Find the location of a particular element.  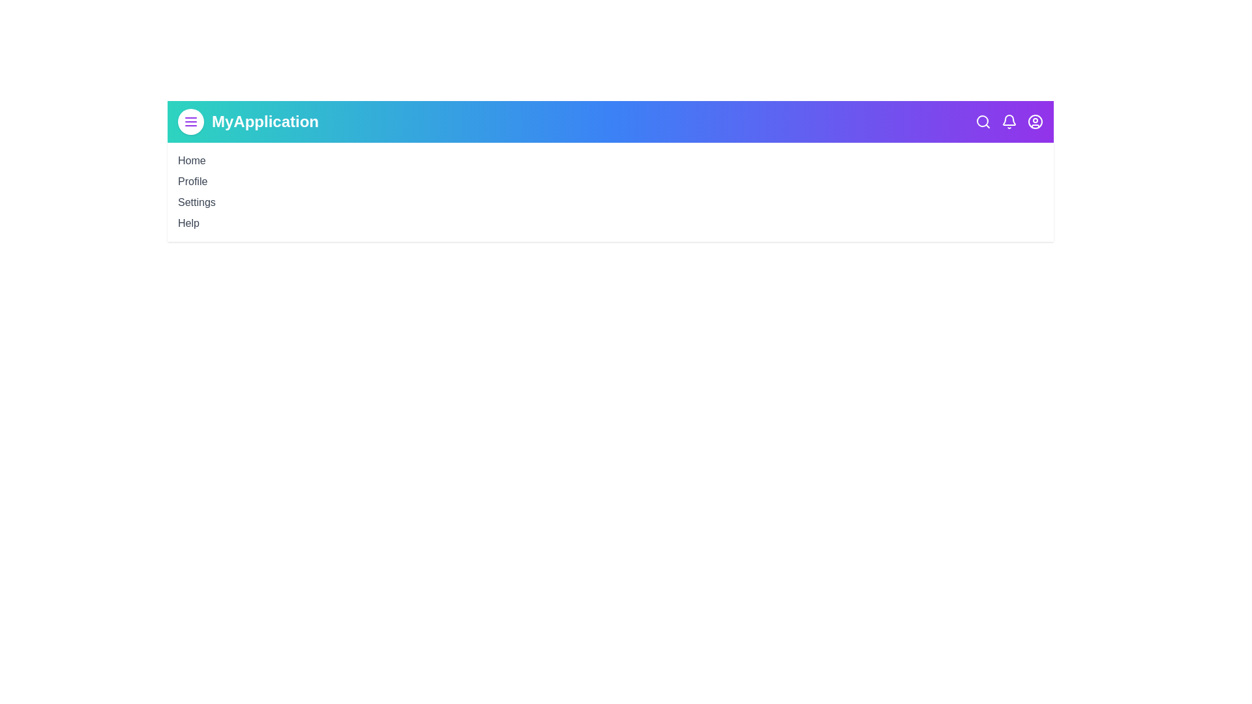

the Home navigation link is located at coordinates (190, 160).